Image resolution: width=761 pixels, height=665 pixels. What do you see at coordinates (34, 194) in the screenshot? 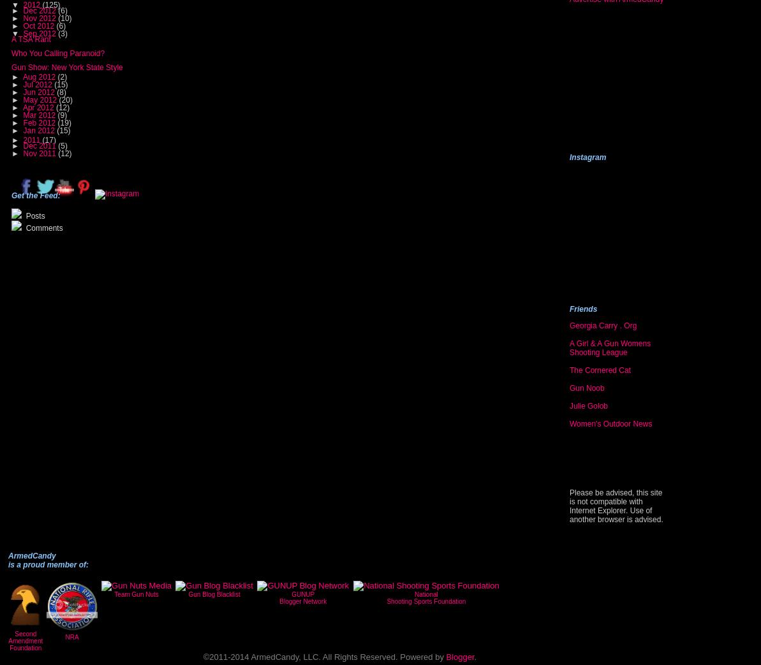
I see `'Get the Feed:'` at bounding box center [34, 194].